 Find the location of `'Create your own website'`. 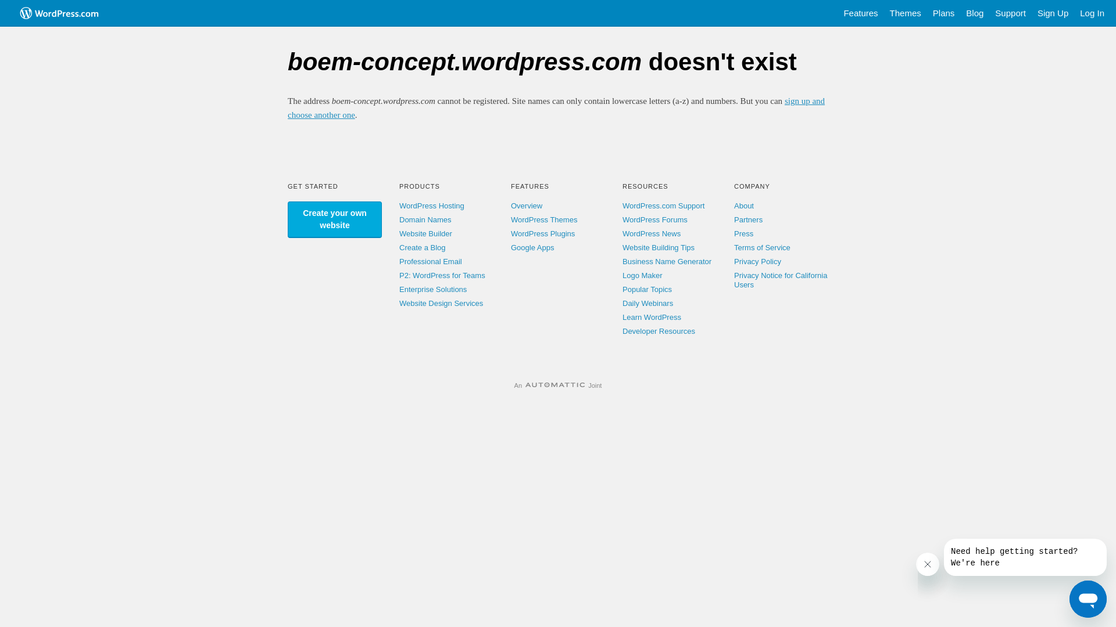

'Create your own website' is located at coordinates (334, 219).